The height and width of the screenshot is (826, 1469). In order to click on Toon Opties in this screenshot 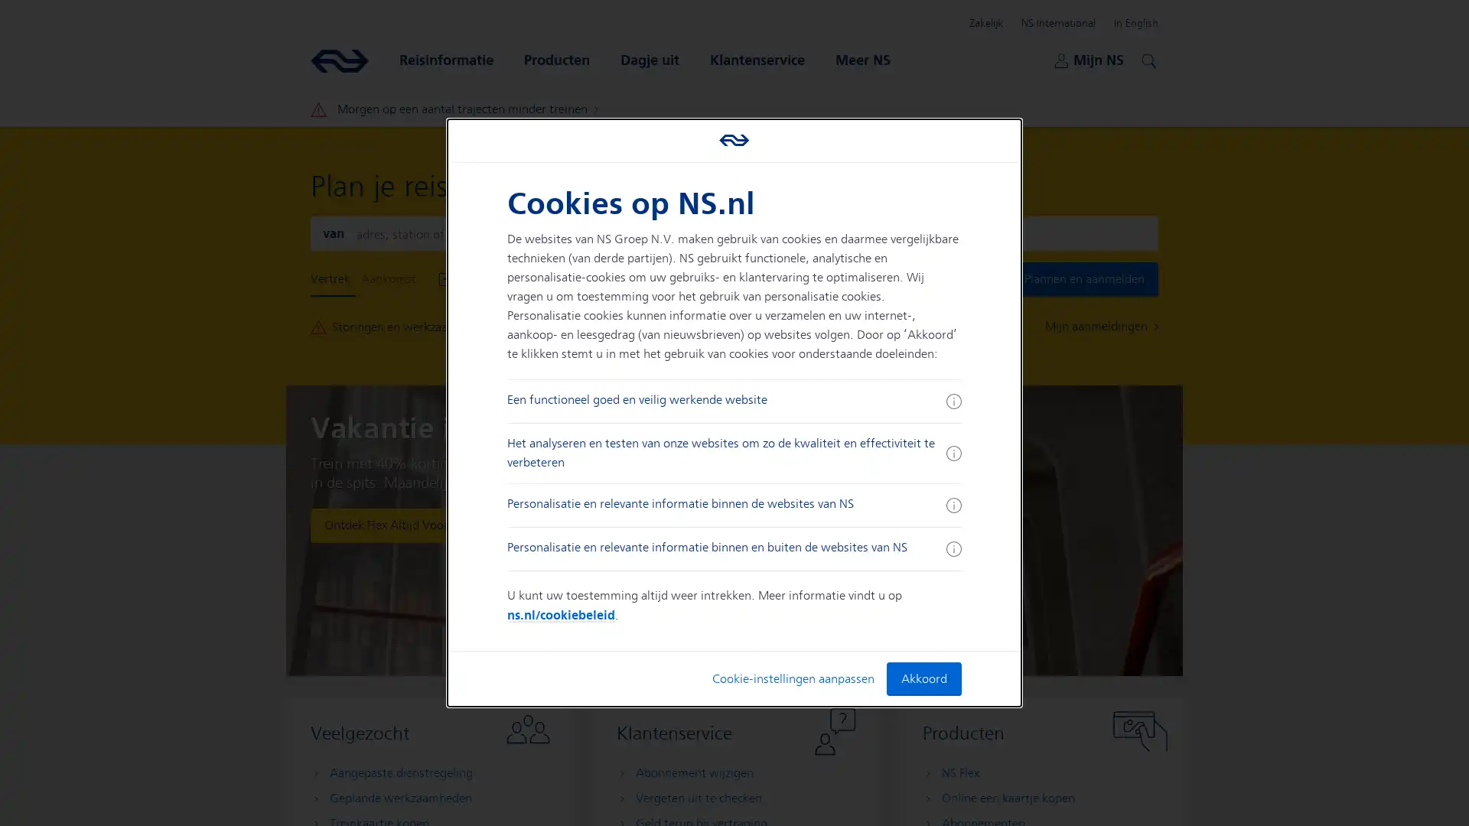, I will do `click(701, 279)`.